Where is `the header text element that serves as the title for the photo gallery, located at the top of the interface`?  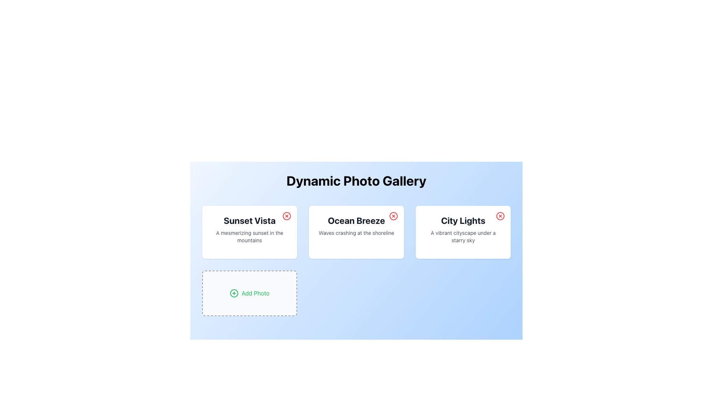 the header text element that serves as the title for the photo gallery, located at the top of the interface is located at coordinates (356, 181).